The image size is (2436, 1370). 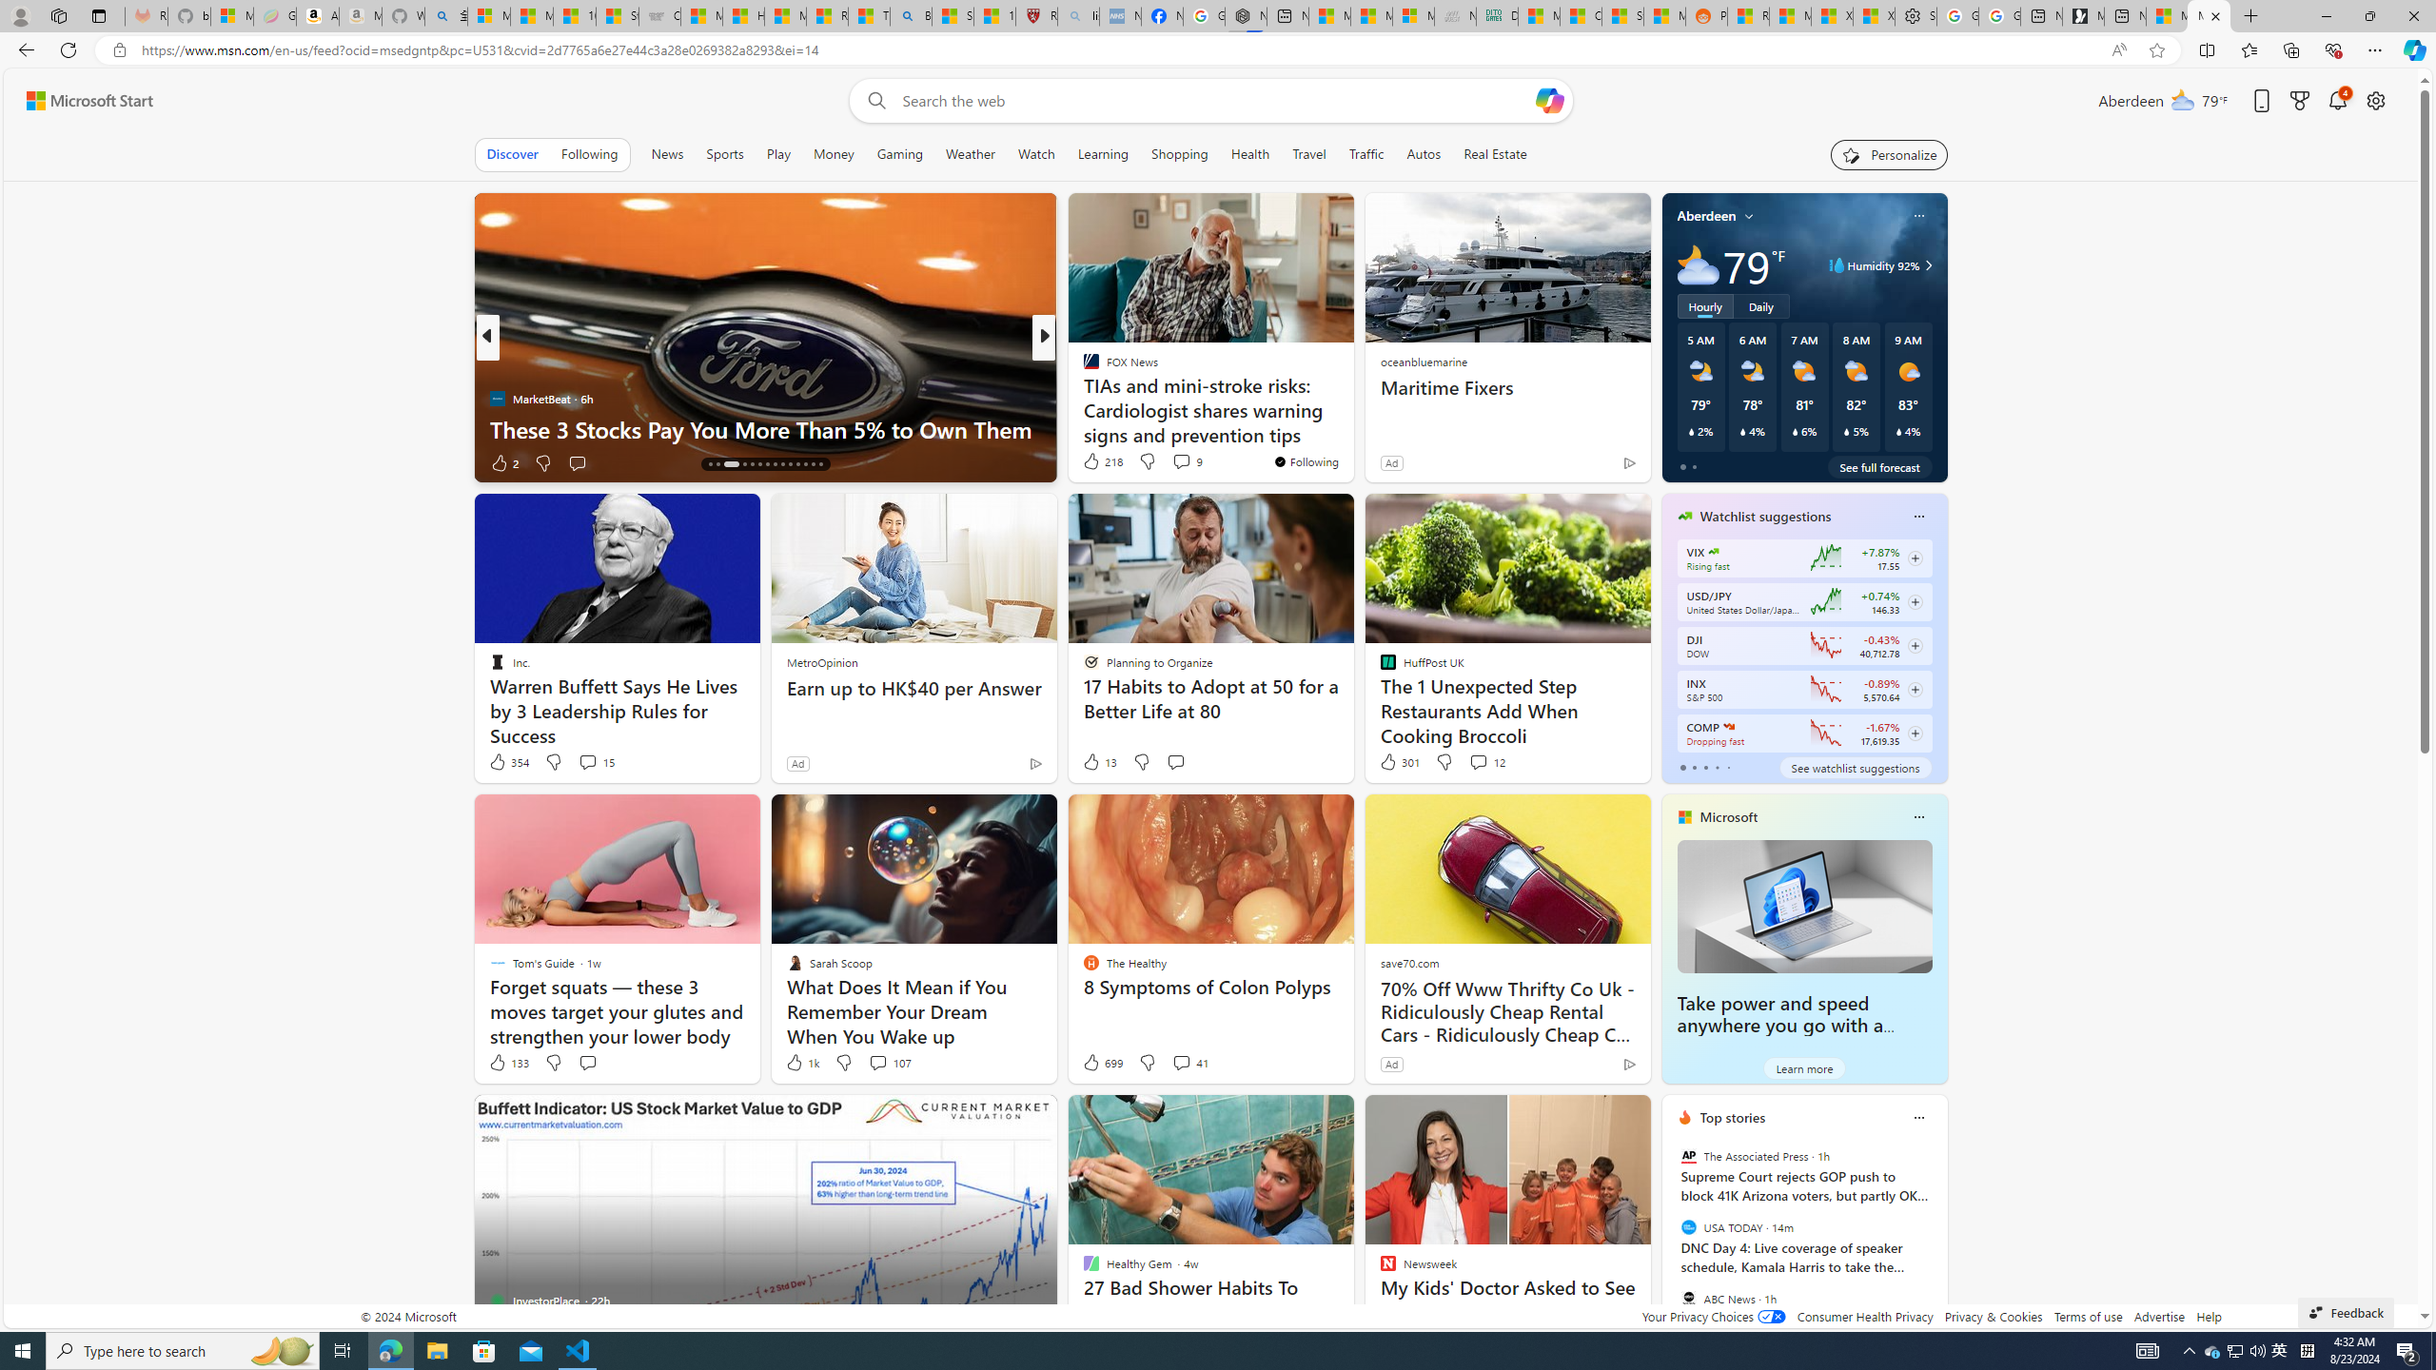 I want to click on '301 Like', so click(x=1397, y=761).